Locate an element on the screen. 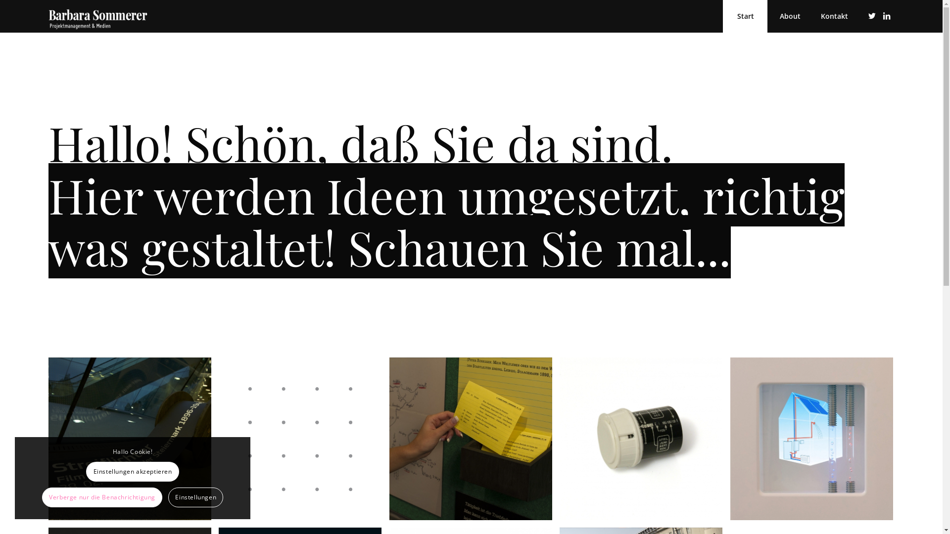  'About' is located at coordinates (789, 16).